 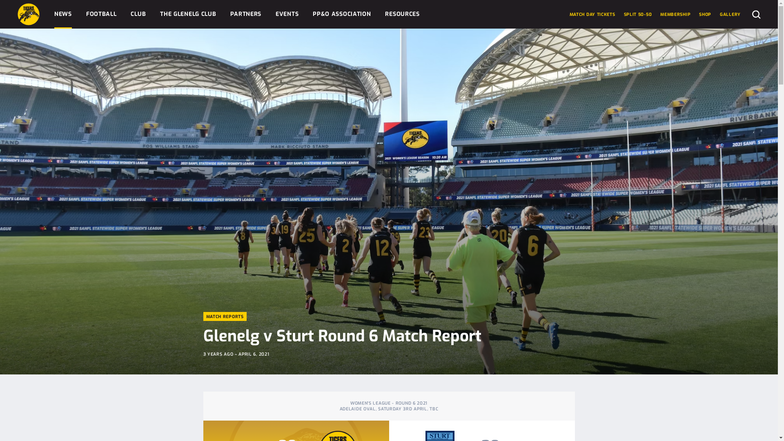 I want to click on 'EVENTS', so click(x=287, y=14).